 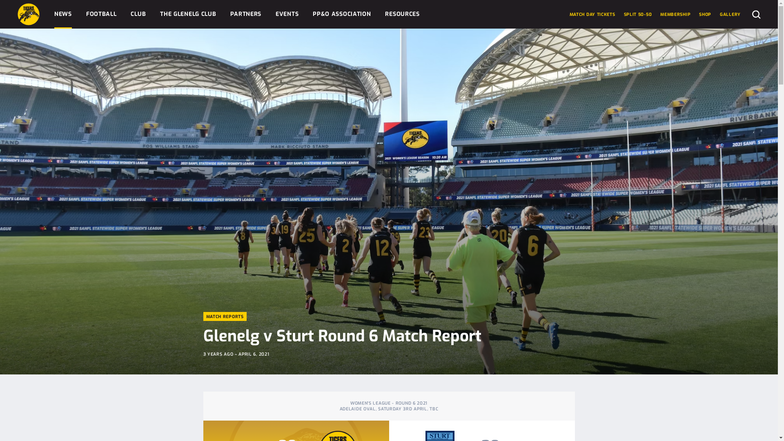 I want to click on 'EVENTS', so click(x=287, y=14).